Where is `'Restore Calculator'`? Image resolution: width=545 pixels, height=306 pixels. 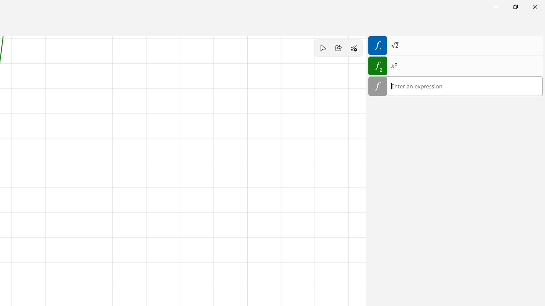
'Restore Calculator' is located at coordinates (515, 6).